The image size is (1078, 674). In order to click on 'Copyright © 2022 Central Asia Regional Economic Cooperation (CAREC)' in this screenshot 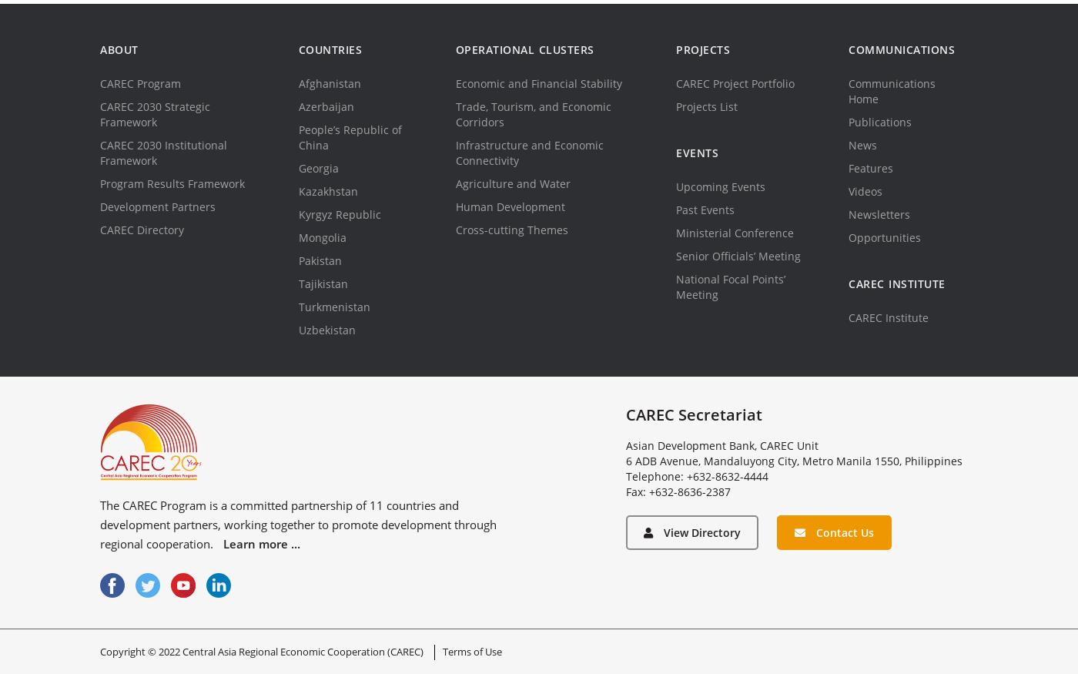, I will do `click(262, 652)`.